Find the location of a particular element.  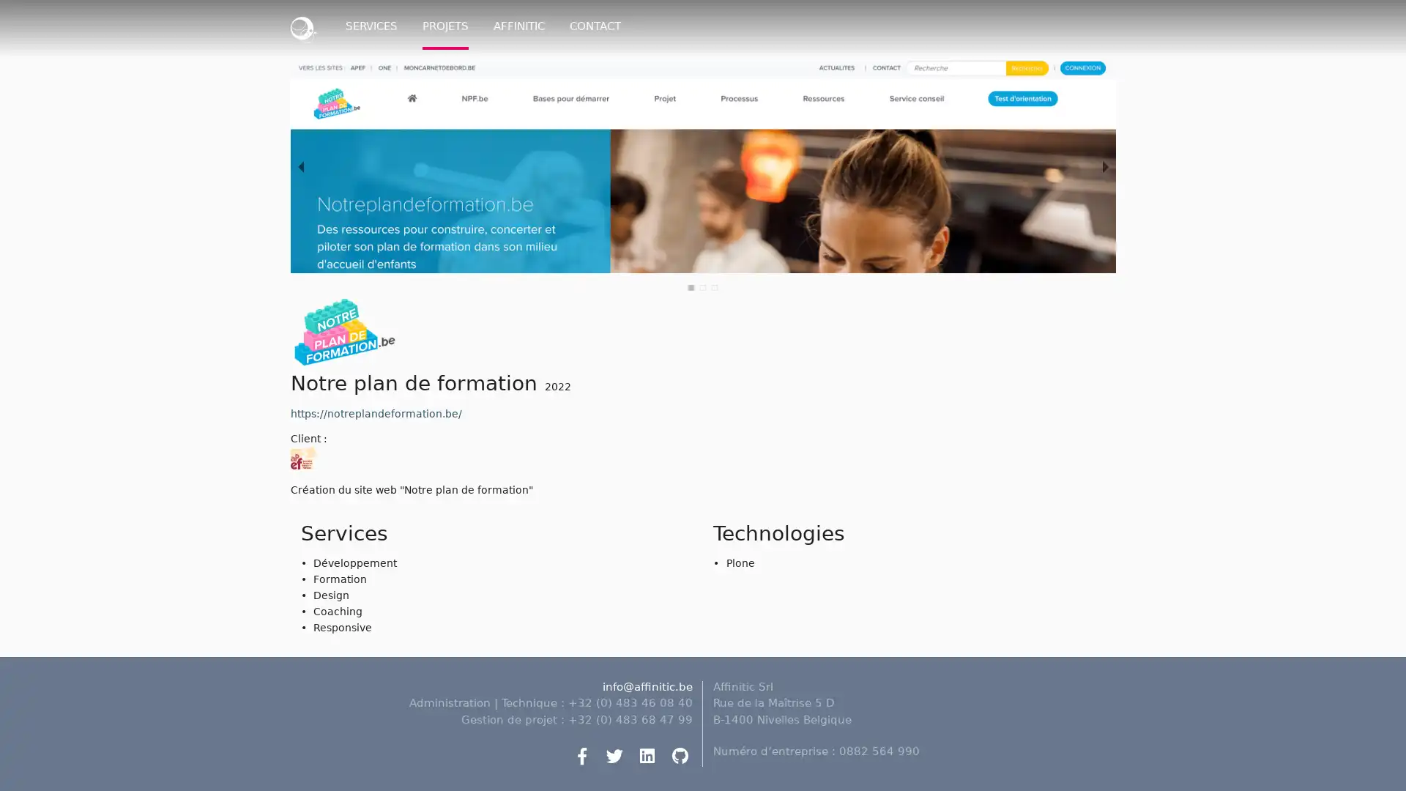

next slide / item is located at coordinates (1104, 212).